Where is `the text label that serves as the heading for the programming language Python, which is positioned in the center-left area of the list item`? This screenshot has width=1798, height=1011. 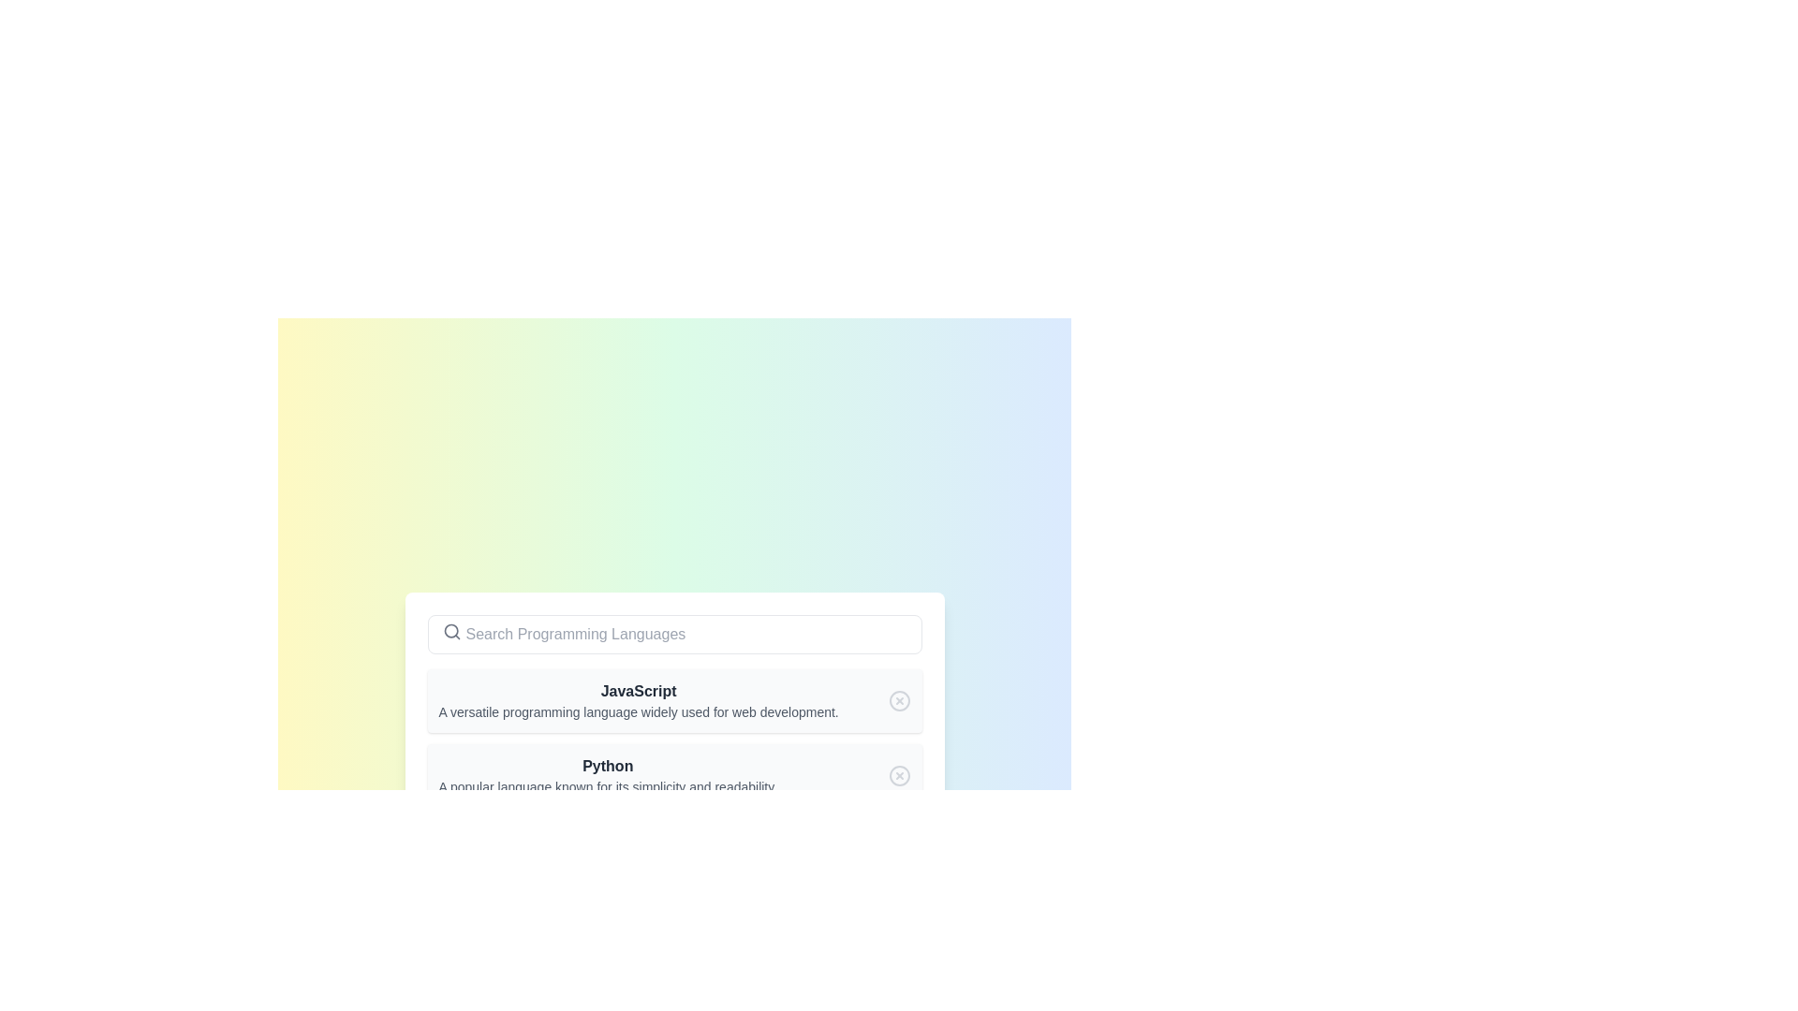 the text label that serves as the heading for the programming language Python, which is positioned in the center-left area of the list item is located at coordinates (608, 766).